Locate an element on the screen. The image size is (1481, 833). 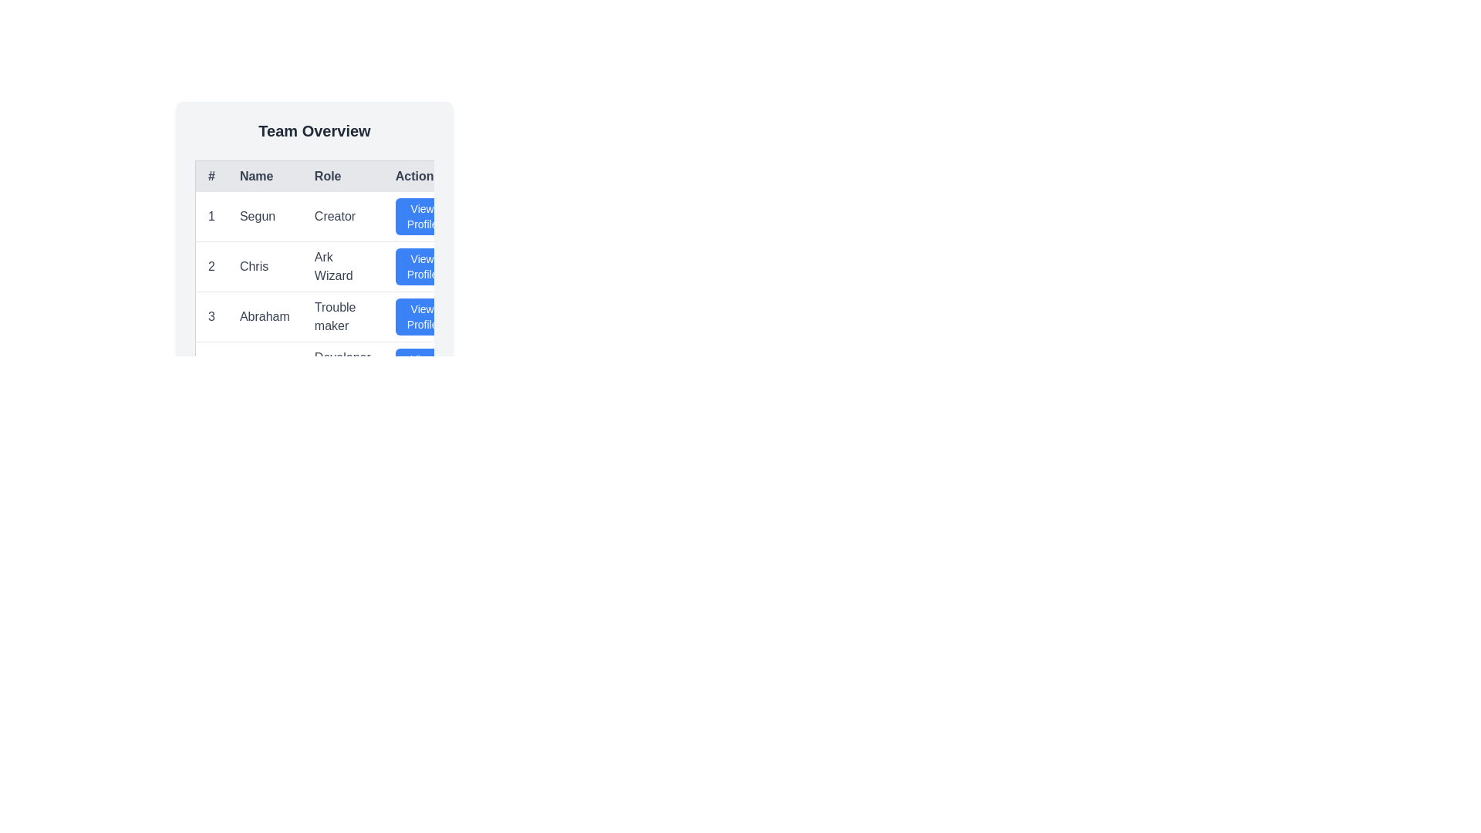
the blue button with rounded corners and white text reading 'View Profile' in the 'Action' column for 'Abraham' and 'Trouble maker' is located at coordinates (429, 316).